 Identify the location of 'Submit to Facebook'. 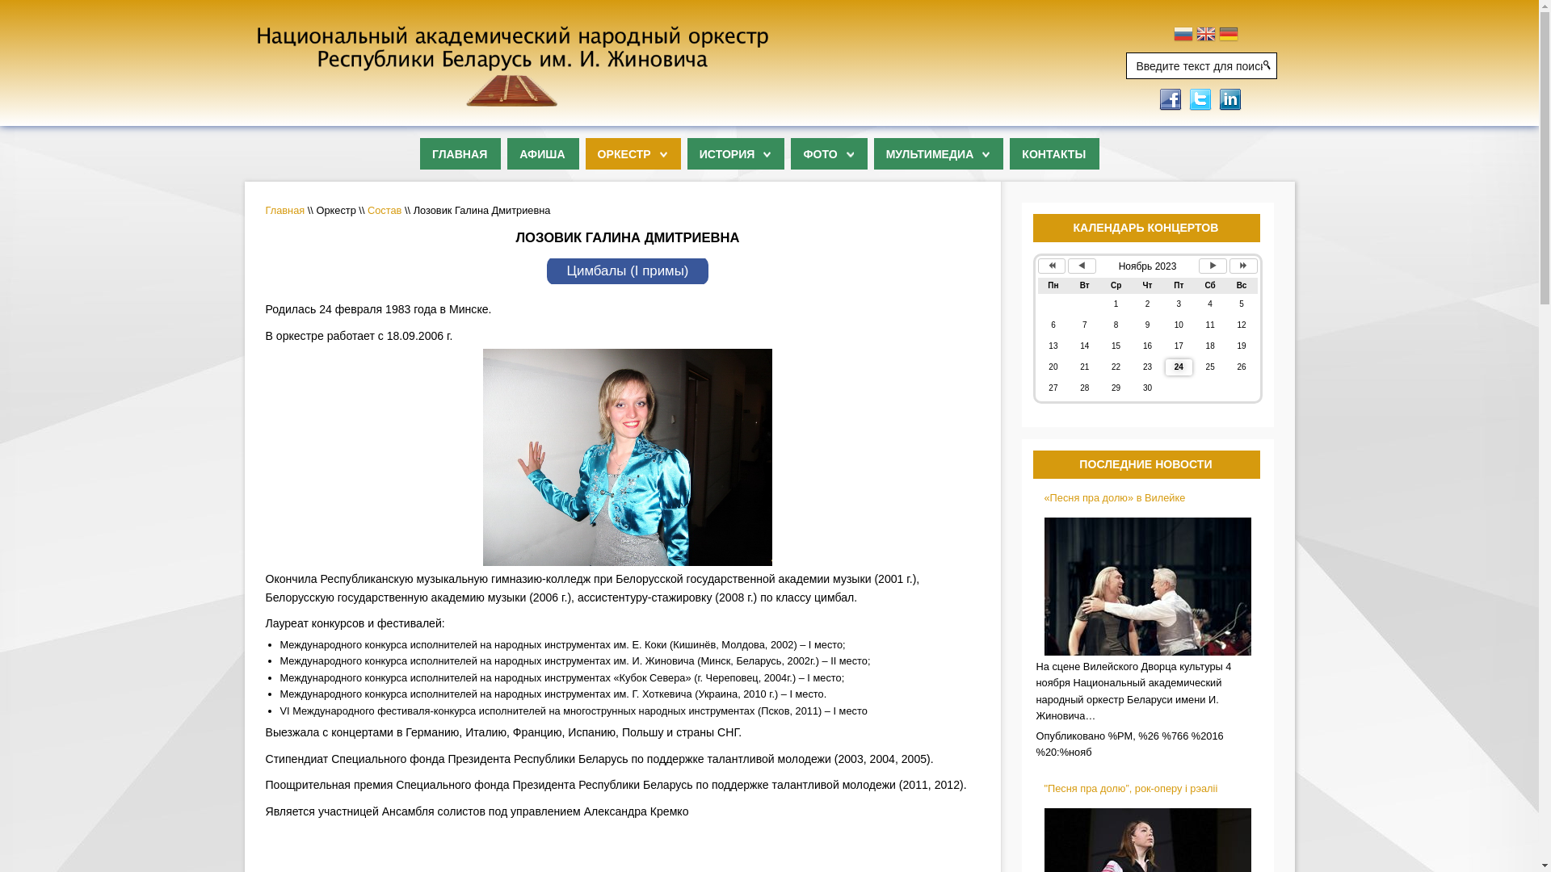
(1155, 98).